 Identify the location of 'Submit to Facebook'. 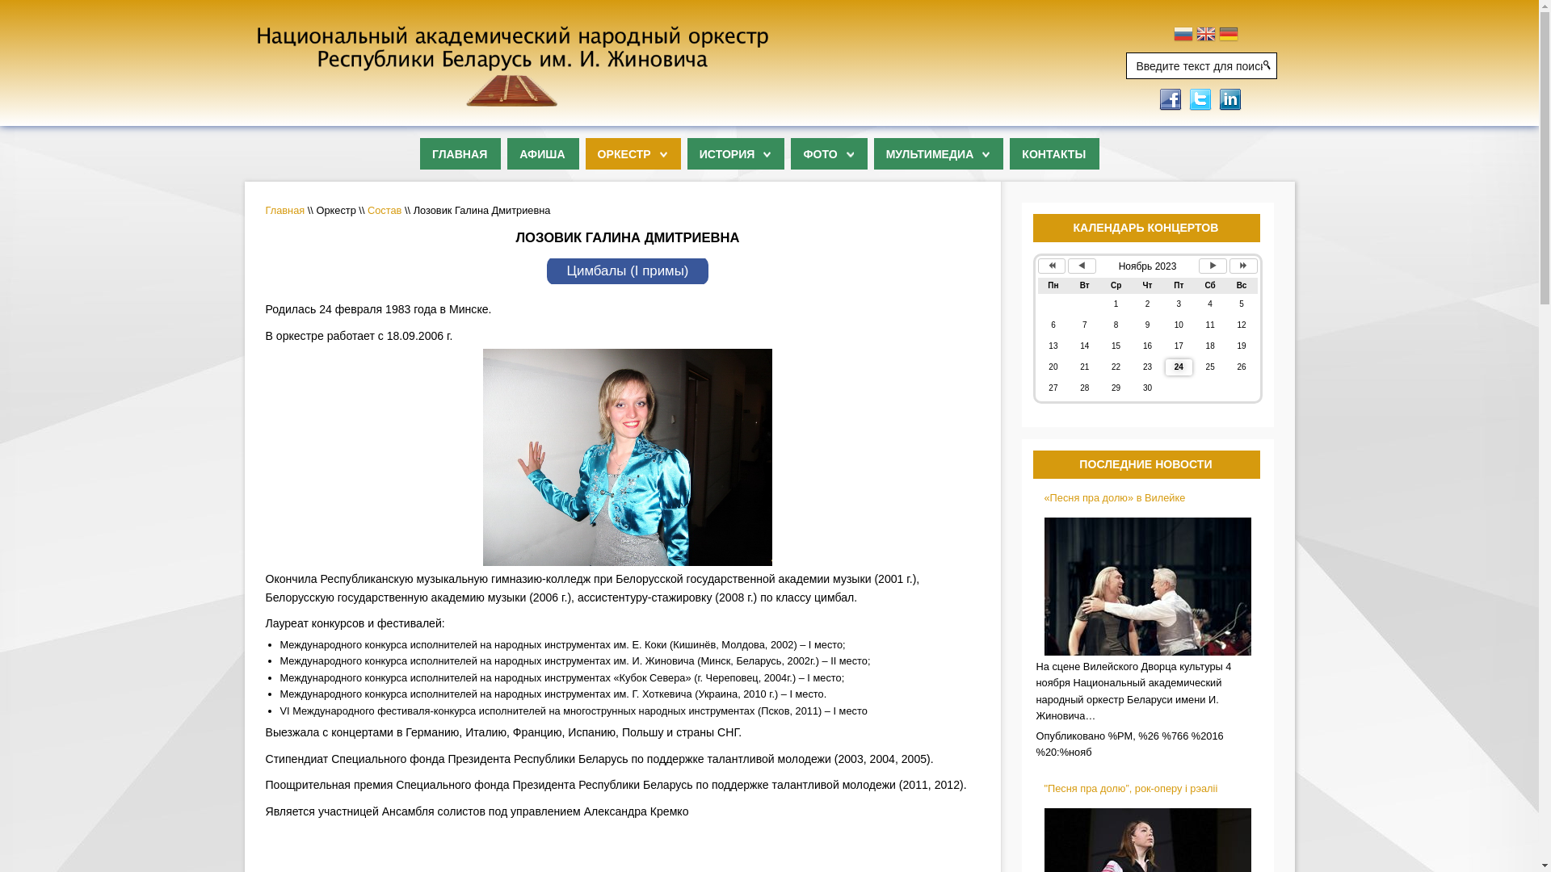
(1155, 98).